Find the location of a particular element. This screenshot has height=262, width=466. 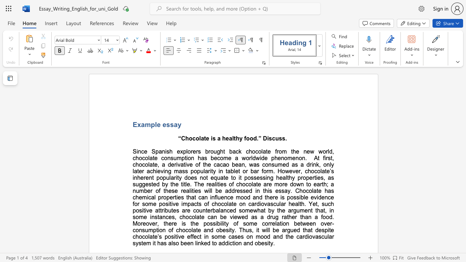

the subset text "rldwide phenom" within the text "Since Spanish explorers brought back chocolate from the new world, chocolate consumption has become a worldwide phenomenon" is located at coordinates (249, 158).